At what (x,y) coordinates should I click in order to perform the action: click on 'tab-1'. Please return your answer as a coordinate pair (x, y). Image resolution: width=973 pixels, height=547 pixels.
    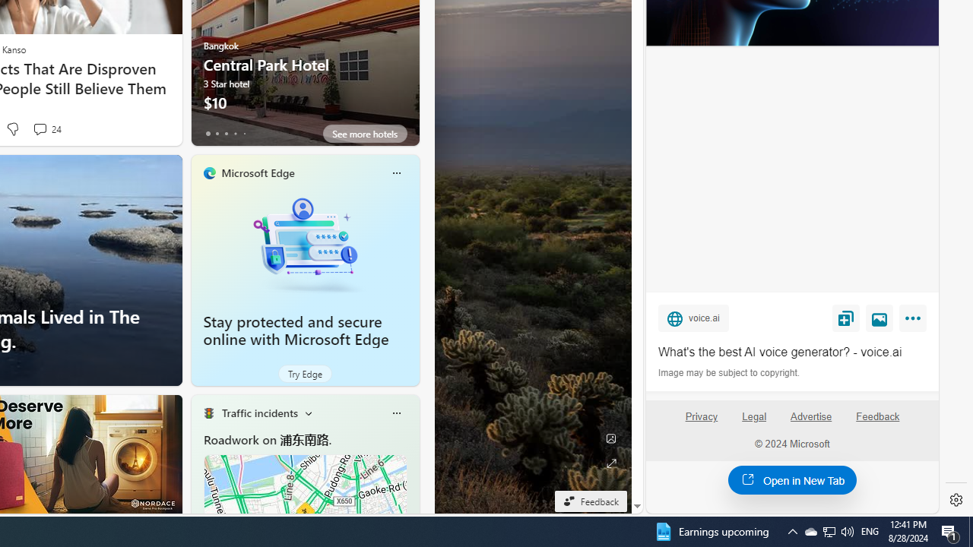
    Looking at the image, I should click on (216, 133).